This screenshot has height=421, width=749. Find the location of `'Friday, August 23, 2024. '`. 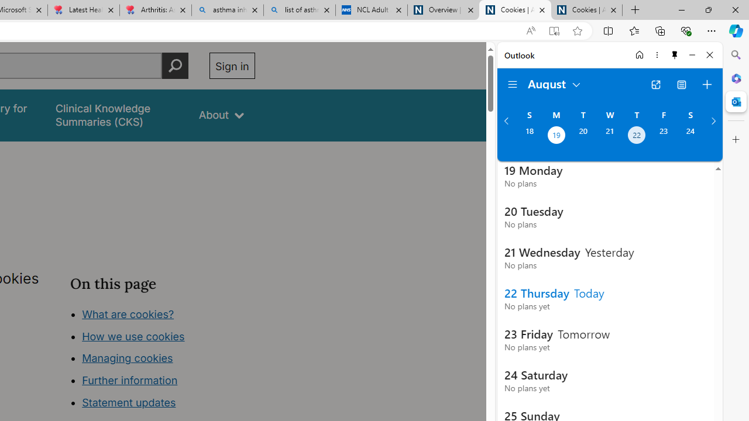

'Friday, August 23, 2024. ' is located at coordinates (664, 136).